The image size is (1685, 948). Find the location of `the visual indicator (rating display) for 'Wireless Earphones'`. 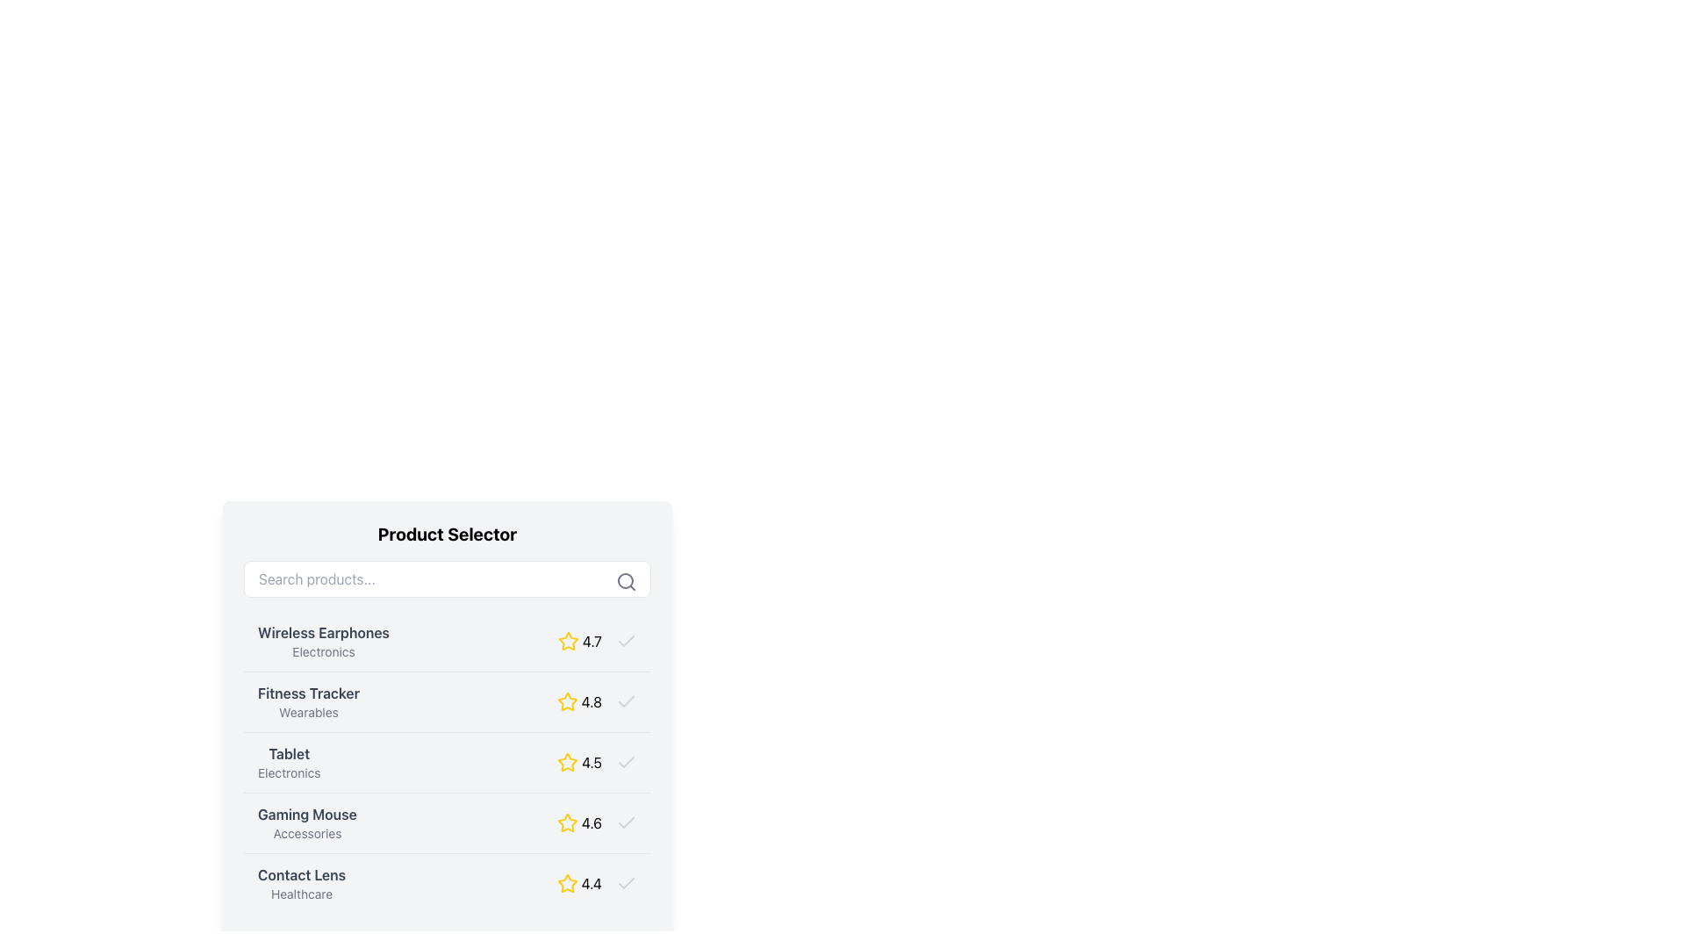

the visual indicator (rating display) for 'Wireless Earphones' is located at coordinates (598, 642).